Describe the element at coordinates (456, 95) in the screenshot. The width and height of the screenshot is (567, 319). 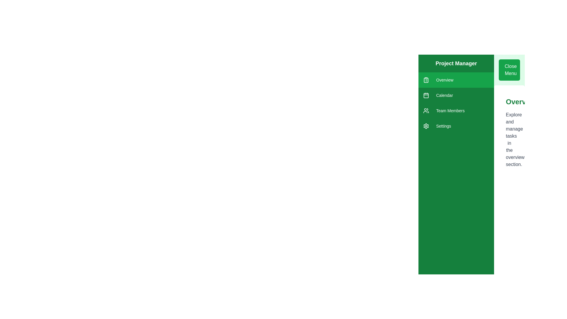
I see `the 'Calendar' section in the sidebar` at that location.